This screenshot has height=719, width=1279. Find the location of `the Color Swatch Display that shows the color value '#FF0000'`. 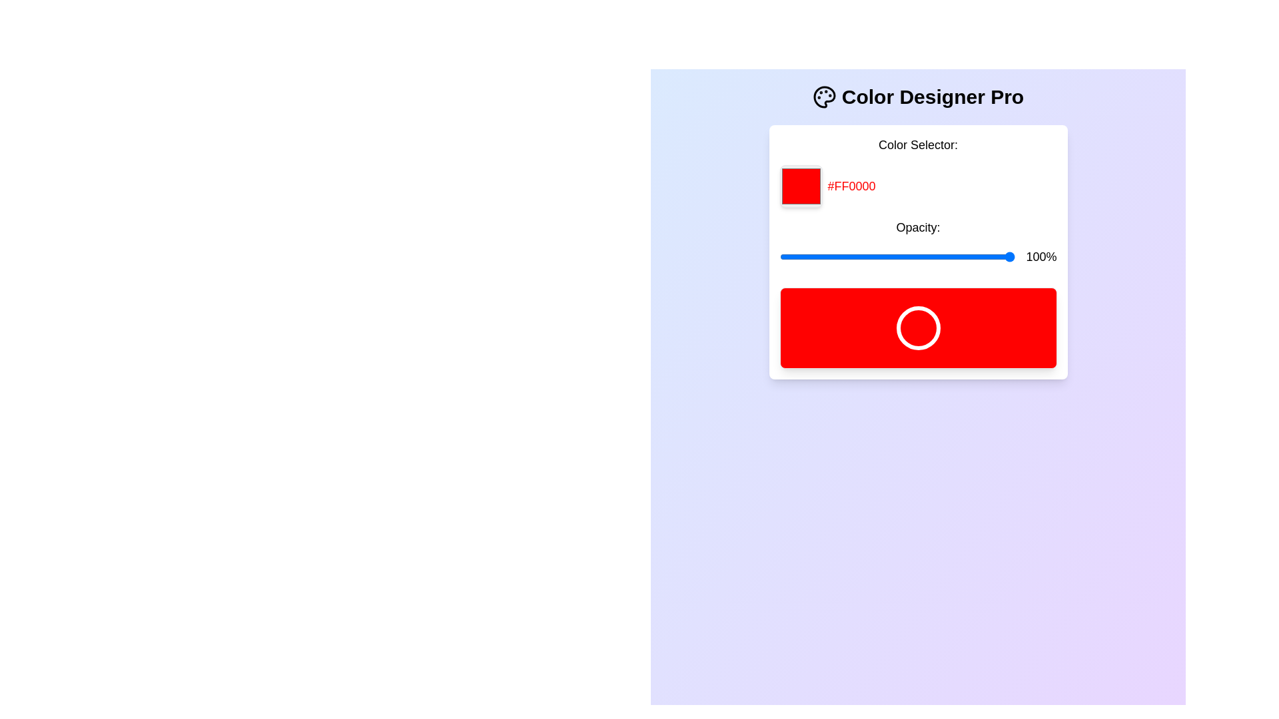

the Color Swatch Display that shows the color value '#FF0000' is located at coordinates (800, 186).